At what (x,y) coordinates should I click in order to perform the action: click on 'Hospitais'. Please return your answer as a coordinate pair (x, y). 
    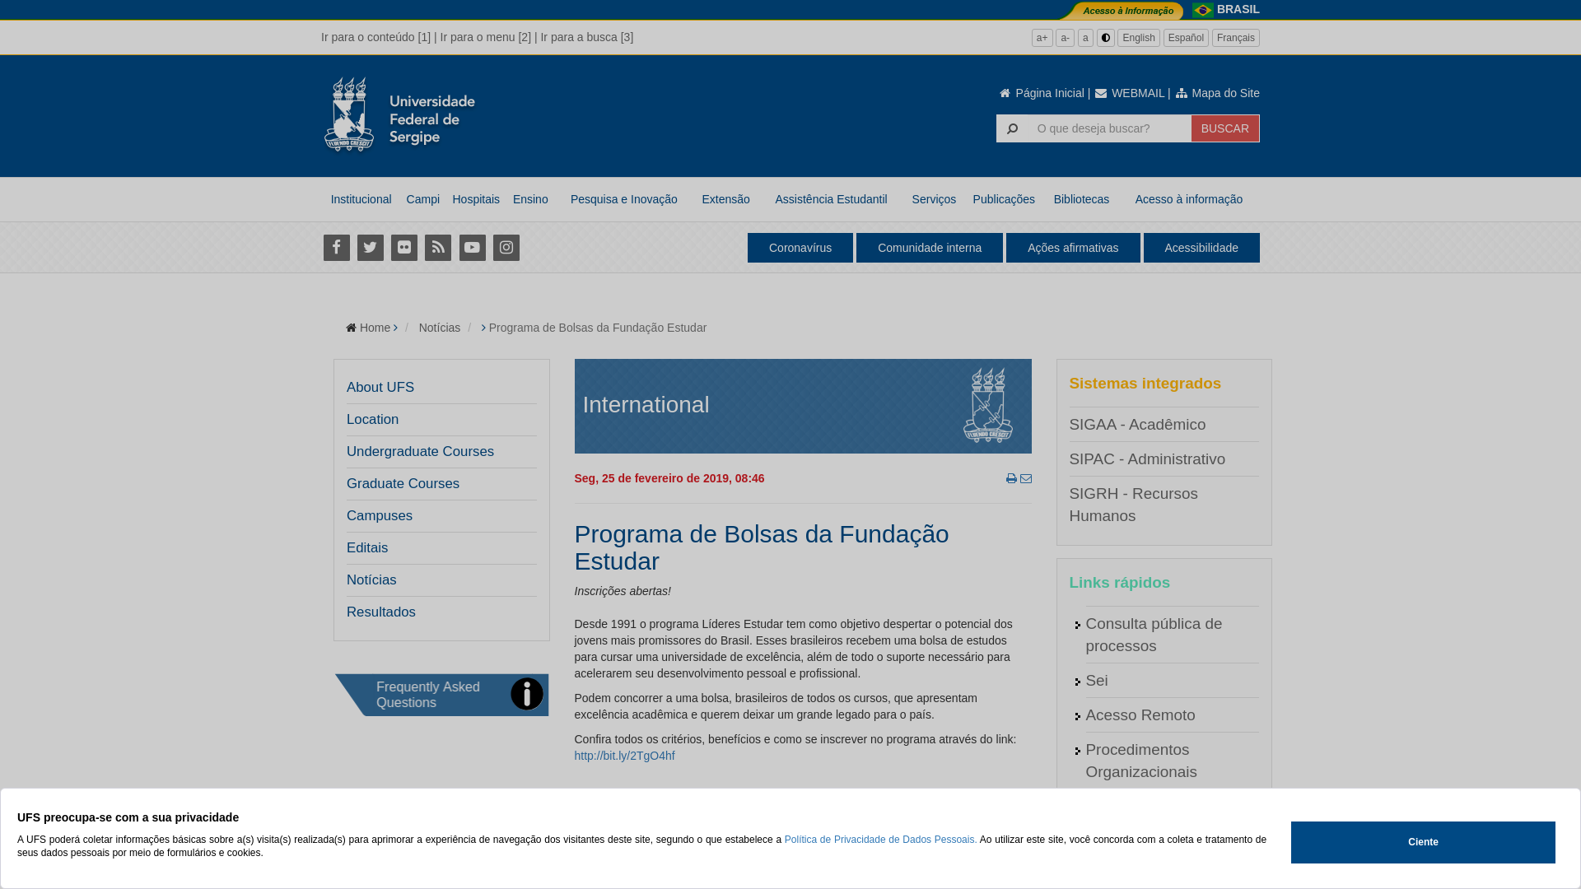
    Looking at the image, I should click on (474, 198).